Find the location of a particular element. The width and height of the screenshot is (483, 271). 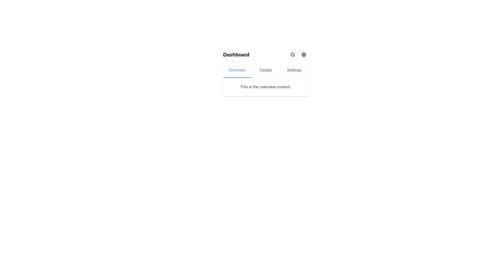

the first tab in the horizontal tab group located below the 'Dashboard' section is located at coordinates (237, 71).